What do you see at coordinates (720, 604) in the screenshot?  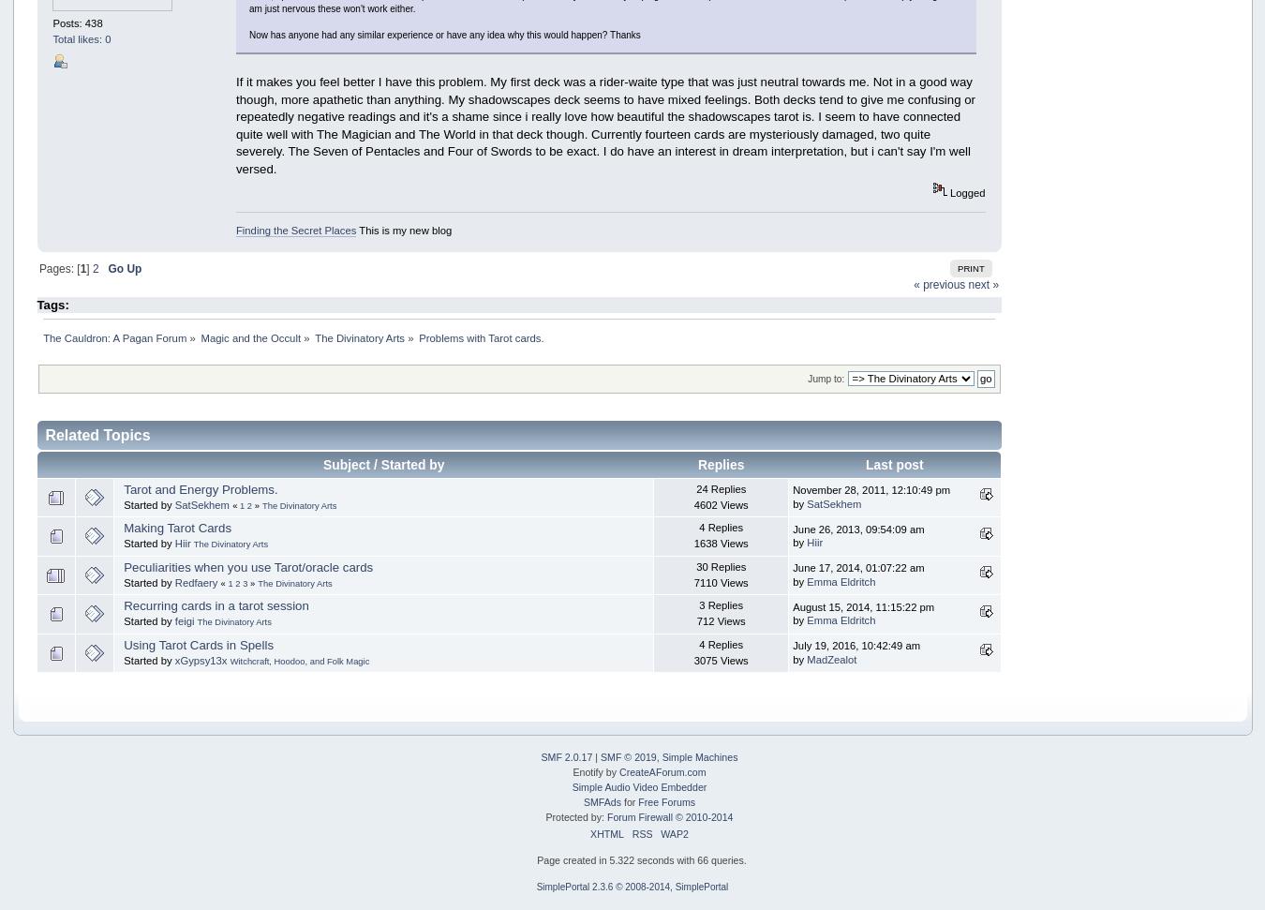 I see `'3 Replies'` at bounding box center [720, 604].